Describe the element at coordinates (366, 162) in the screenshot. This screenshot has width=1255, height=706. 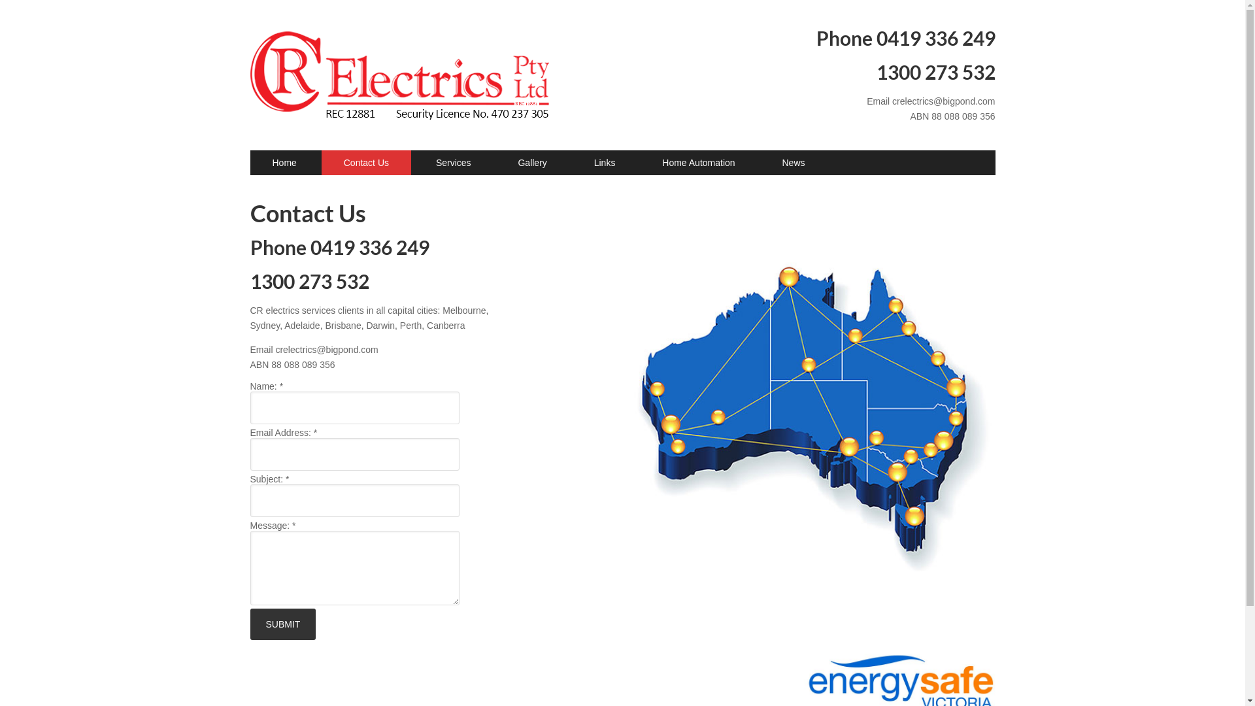
I see `'Contact Us'` at that location.